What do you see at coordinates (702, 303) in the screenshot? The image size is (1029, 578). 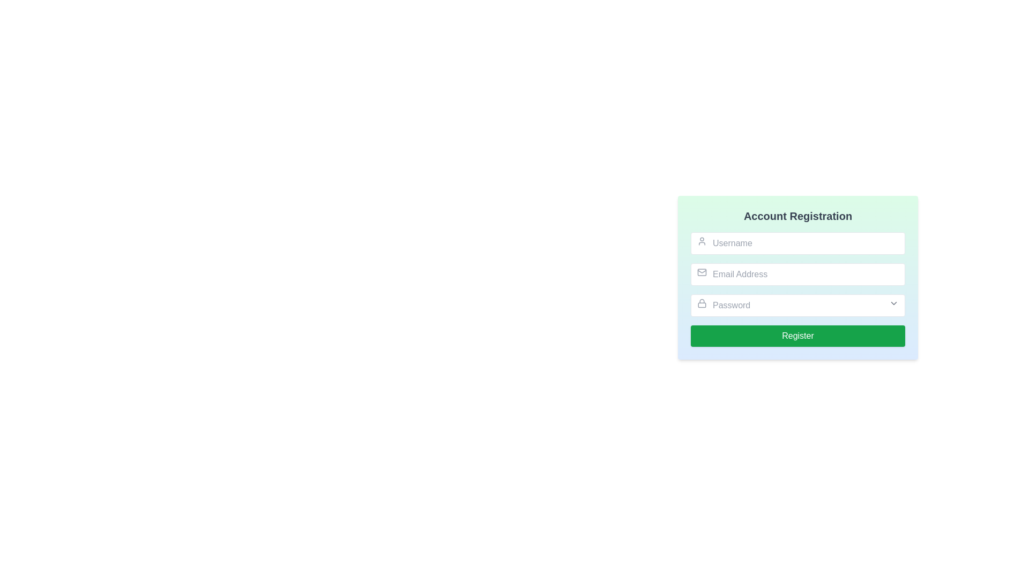 I see `the padlock icon located at the beginning of the password input field in the 'Account Registration' form` at bounding box center [702, 303].